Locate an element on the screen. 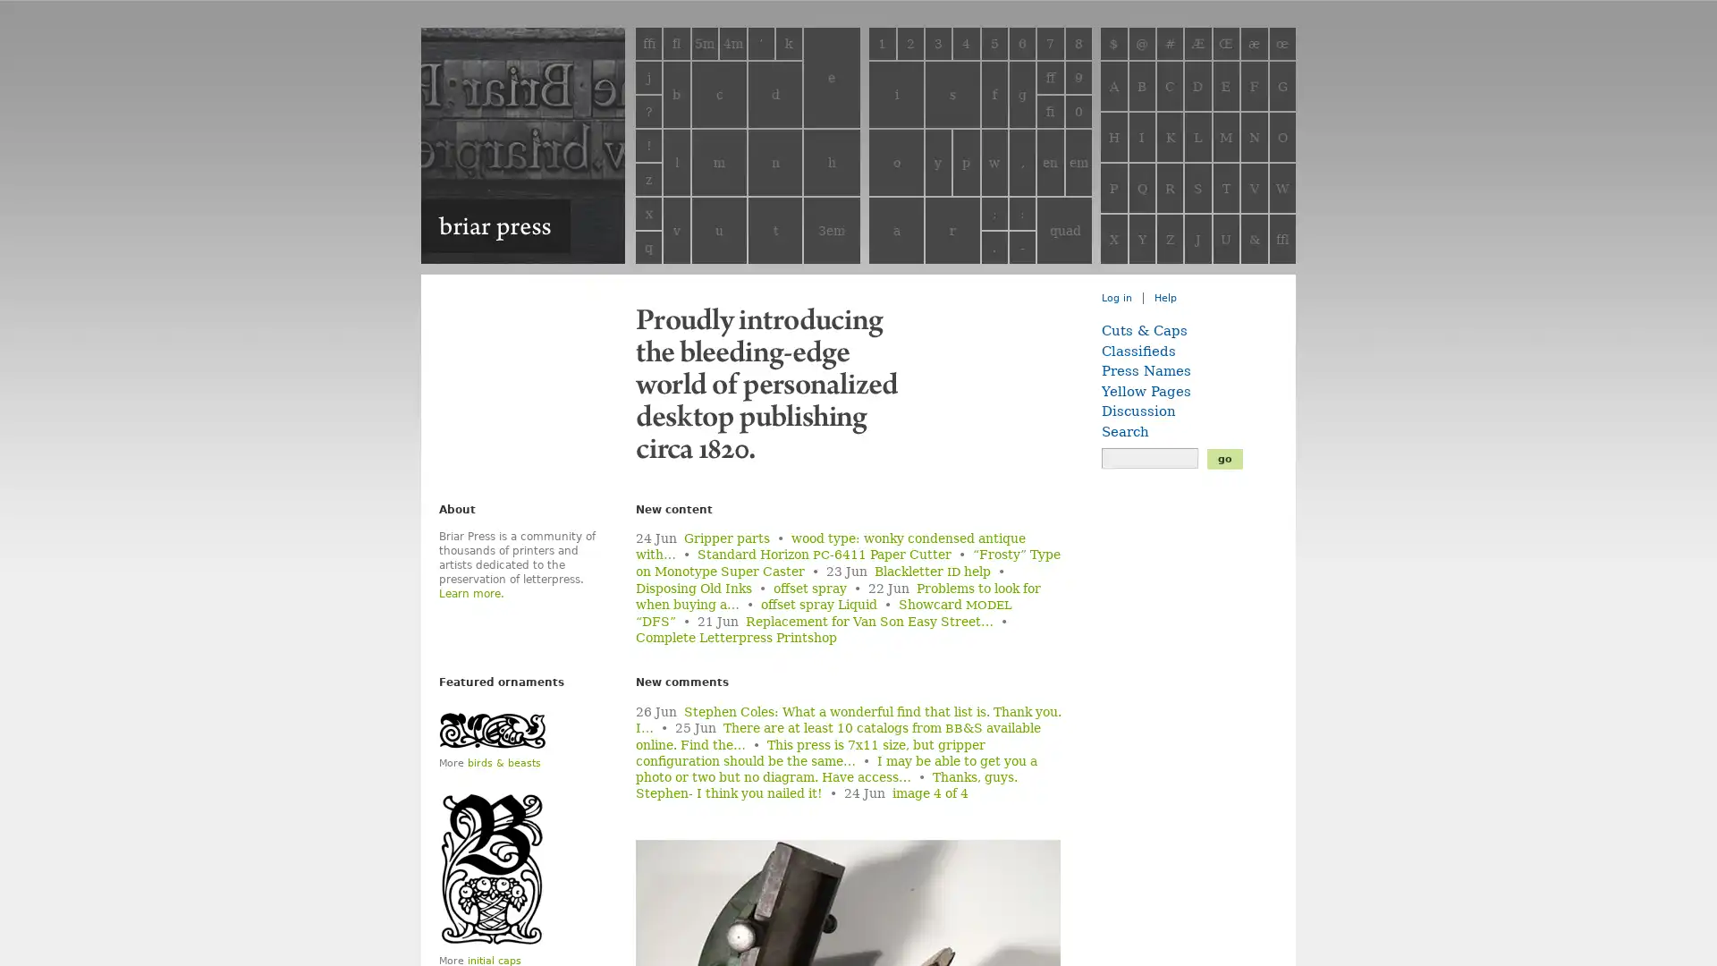 This screenshot has width=1717, height=966. go is located at coordinates (1223, 457).